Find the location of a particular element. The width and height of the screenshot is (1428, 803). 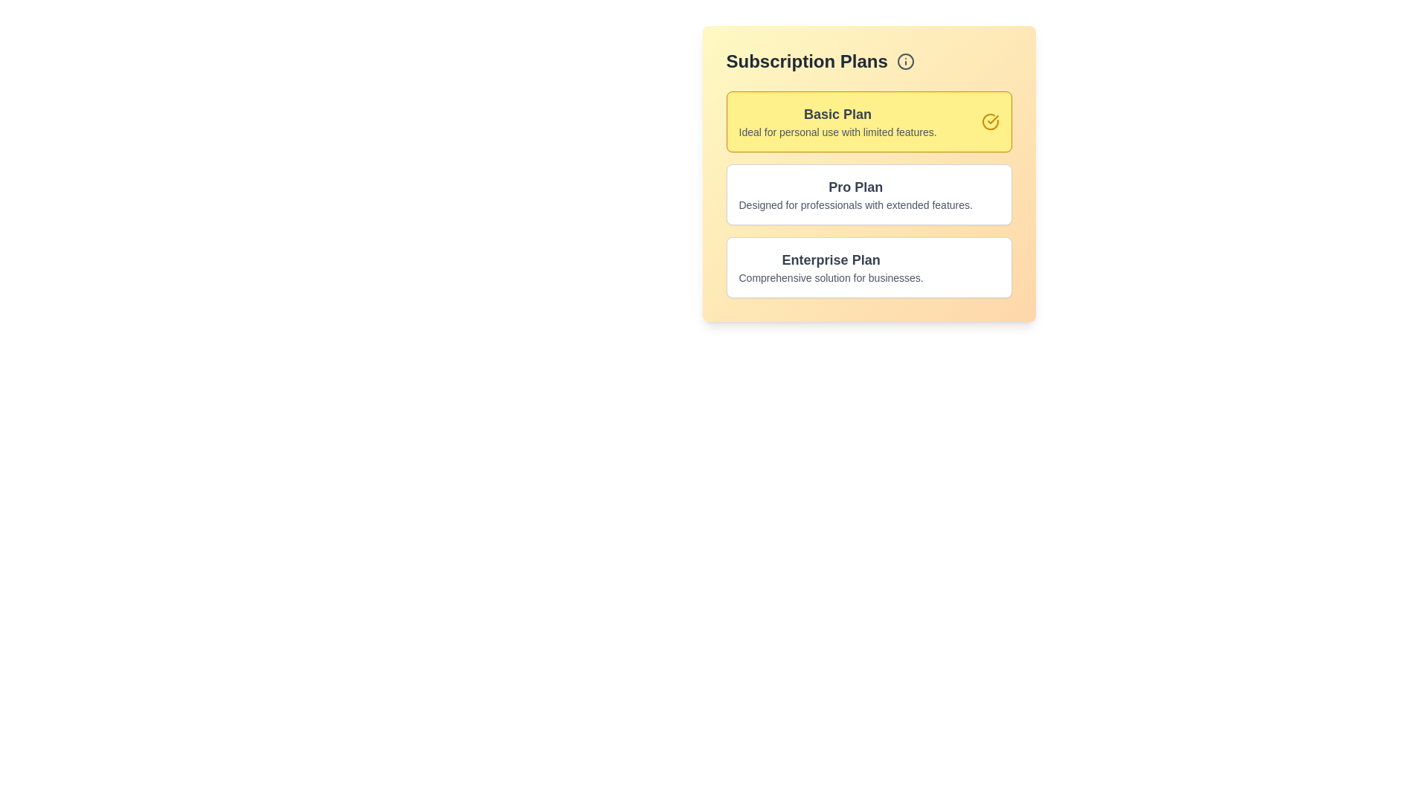

the 'Pro Plan' text label element that is prominently displayed in bold and larger font, located centrally between the 'Basic Plan' above and 'Enterprise Plan' below is located at coordinates (855, 186).